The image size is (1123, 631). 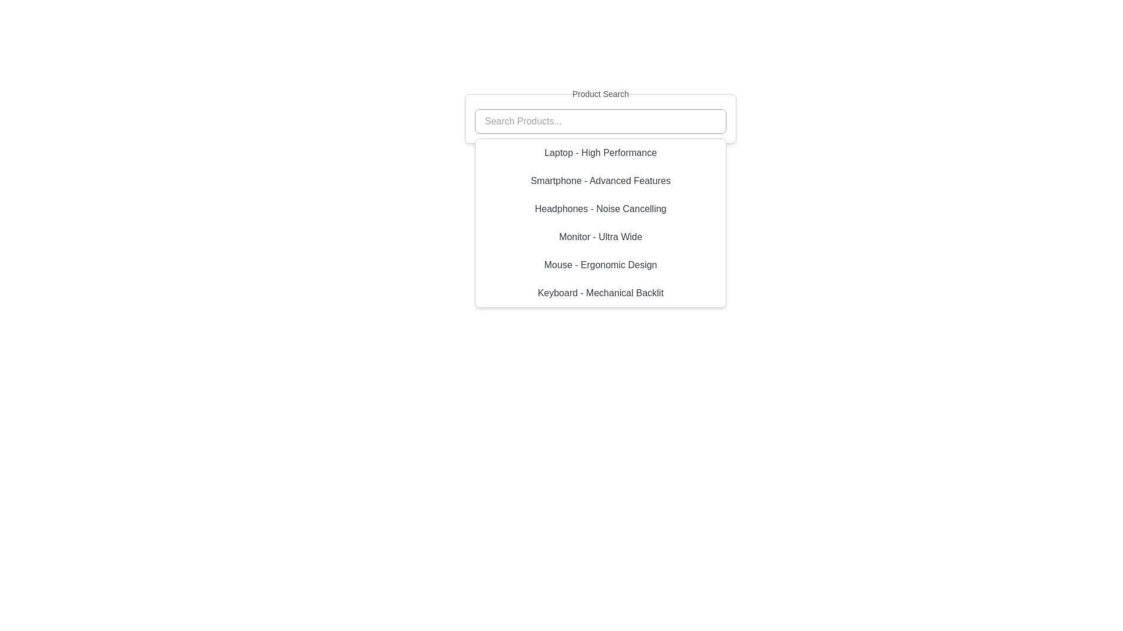 I want to click on the first option in the dropdown list labeled 'Laptop - High Performance', so click(x=601, y=152).